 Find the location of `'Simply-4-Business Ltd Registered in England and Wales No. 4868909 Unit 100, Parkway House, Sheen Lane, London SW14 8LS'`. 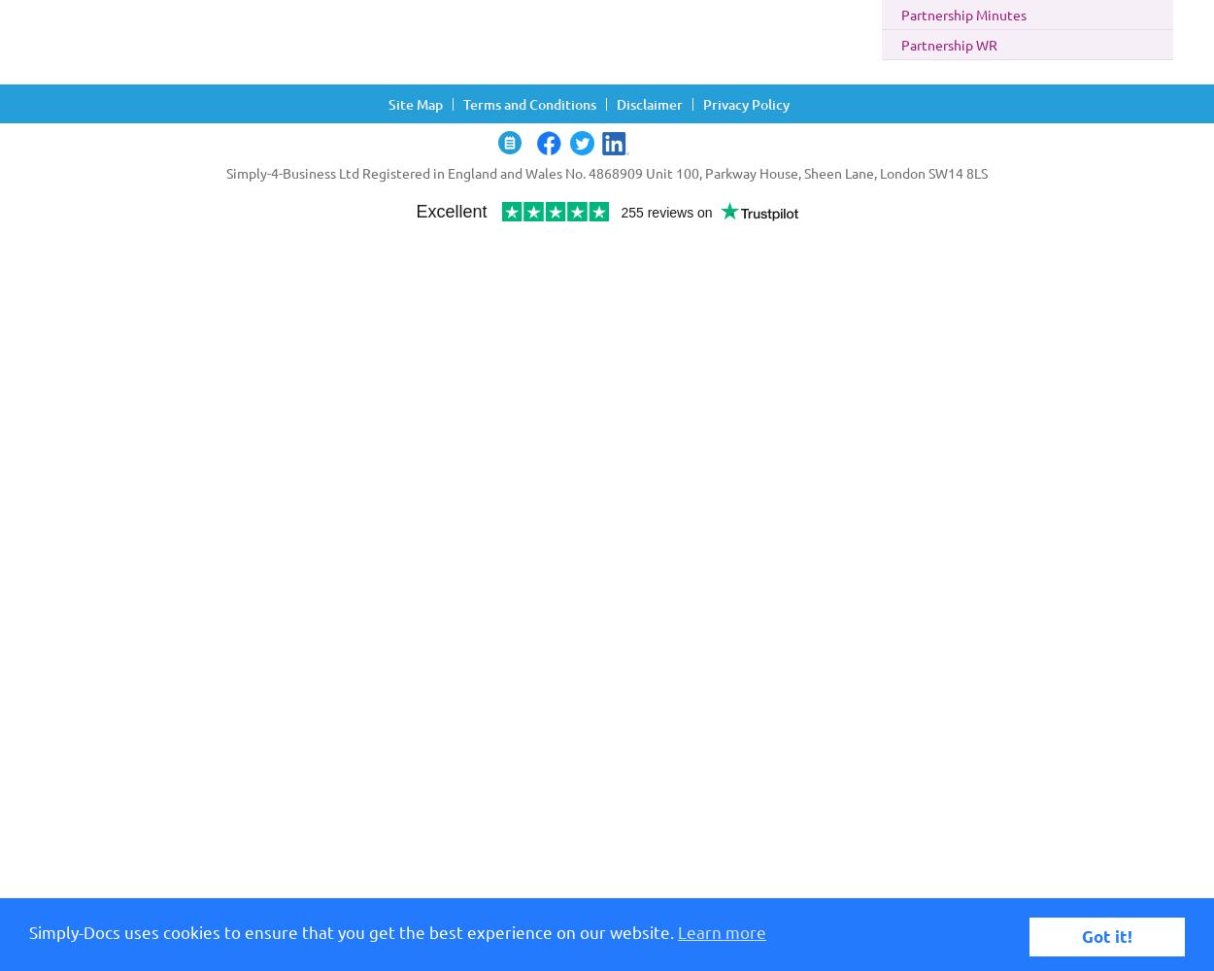

'Simply-4-Business Ltd Registered in England and Wales No. 4868909 Unit 100, Parkway House, Sheen Lane, London SW14 8LS' is located at coordinates (607, 173).